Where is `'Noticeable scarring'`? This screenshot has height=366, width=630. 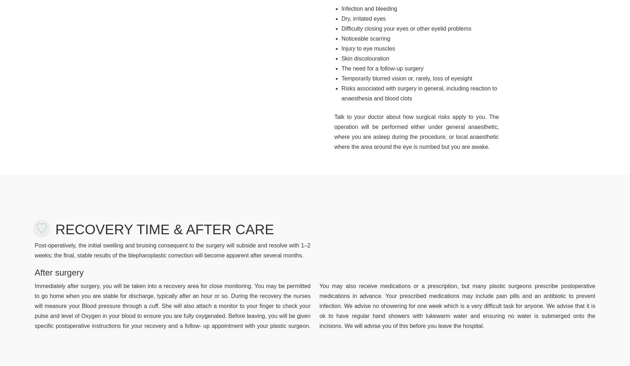
'Noticeable scarring' is located at coordinates (365, 38).